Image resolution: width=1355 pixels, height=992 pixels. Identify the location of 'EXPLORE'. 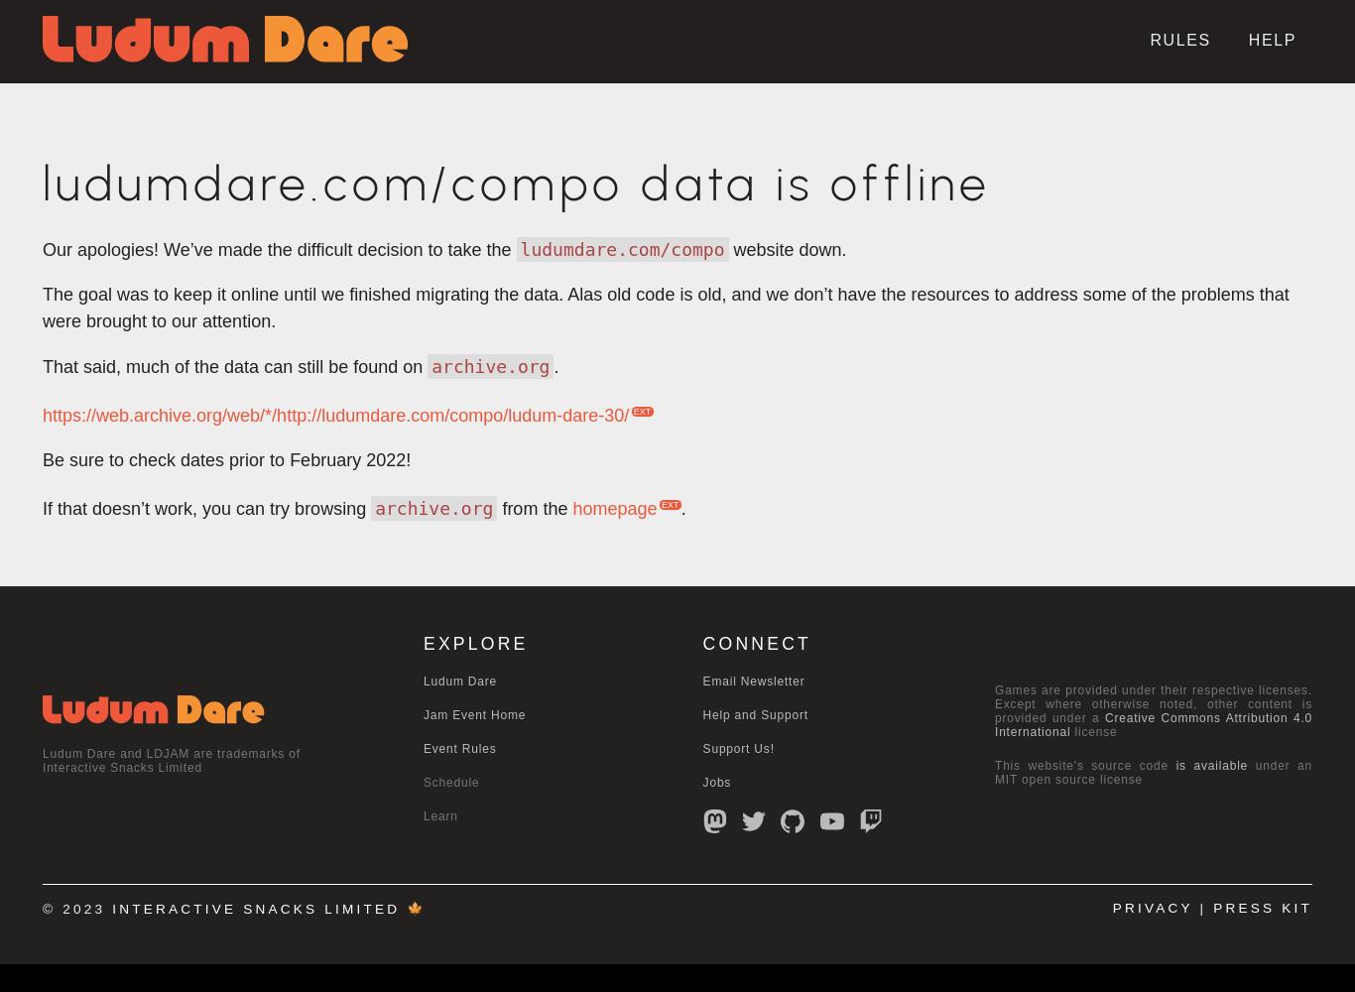
(475, 644).